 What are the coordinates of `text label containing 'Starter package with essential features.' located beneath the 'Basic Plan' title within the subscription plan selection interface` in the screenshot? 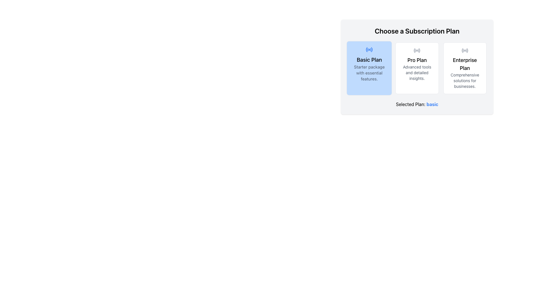 It's located at (369, 72).